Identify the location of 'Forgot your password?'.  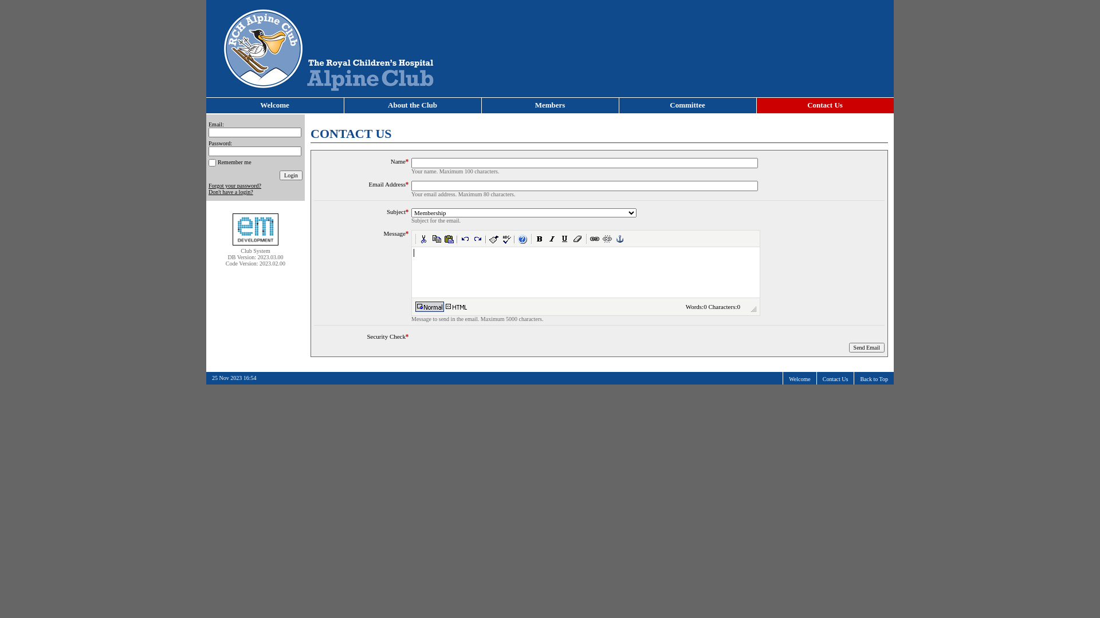
(209, 185).